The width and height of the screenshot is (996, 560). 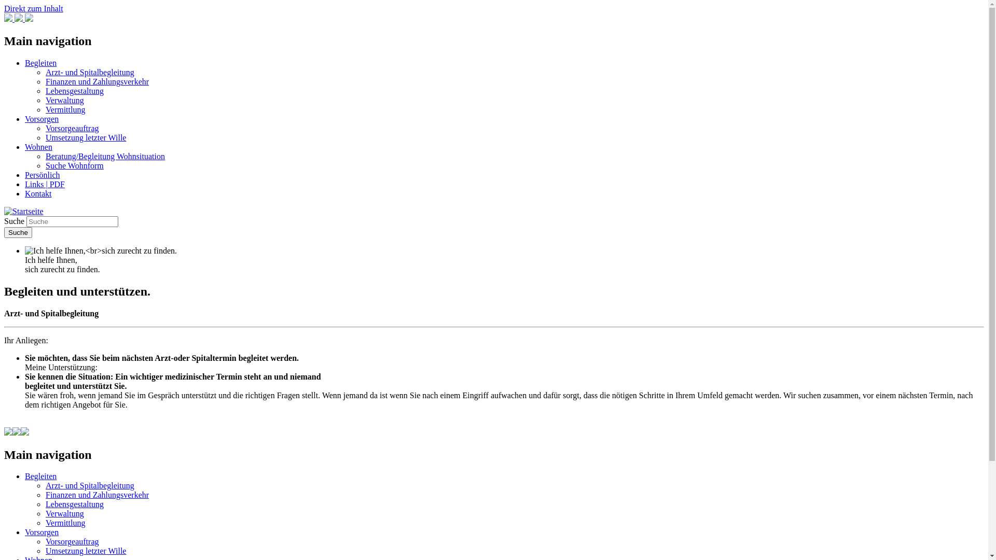 What do you see at coordinates (44, 184) in the screenshot?
I see `'Links | PDF'` at bounding box center [44, 184].